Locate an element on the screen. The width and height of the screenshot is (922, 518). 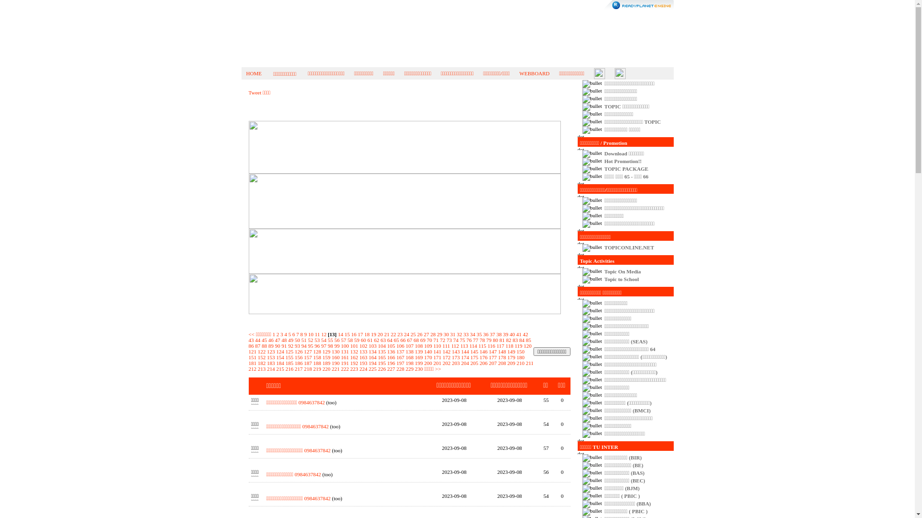
'150' is located at coordinates (520, 351).